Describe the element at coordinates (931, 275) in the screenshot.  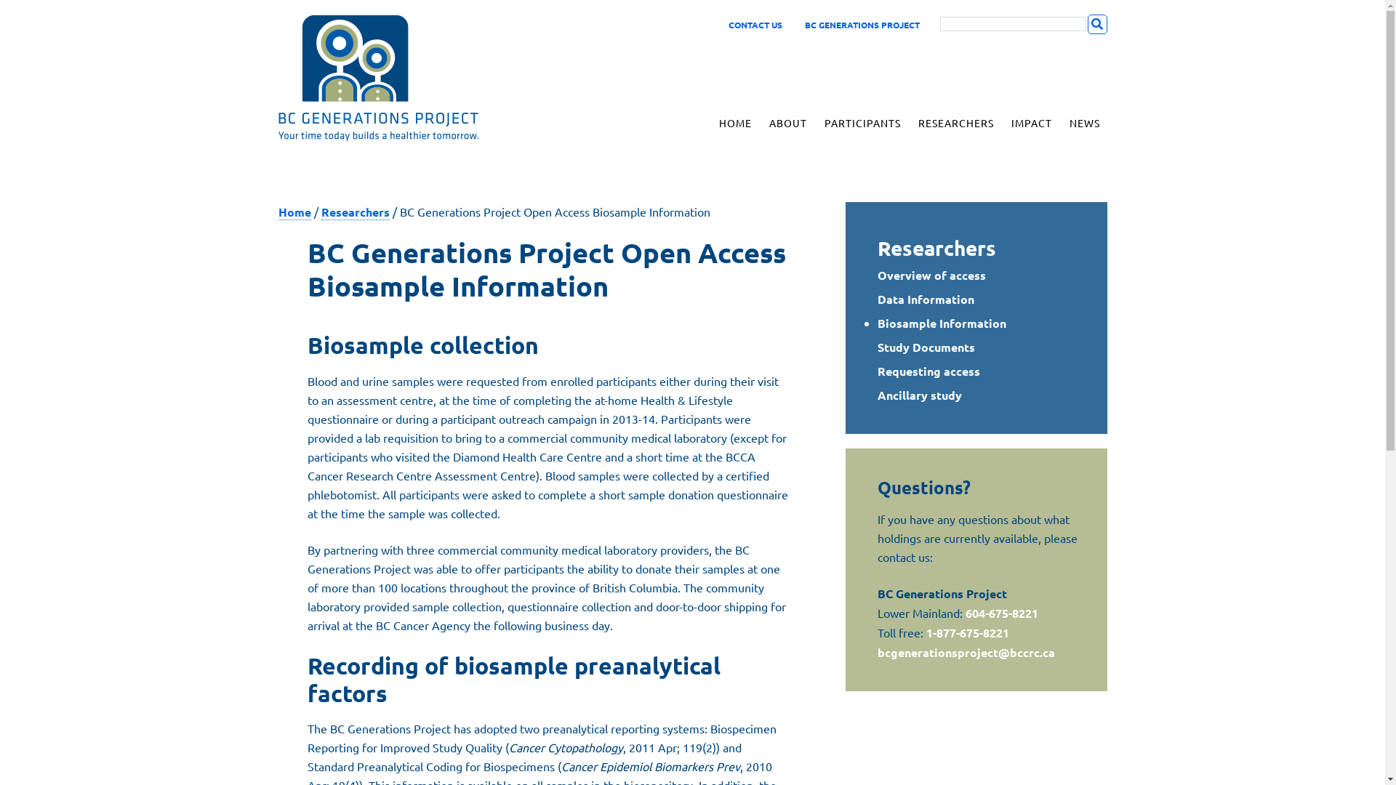
I see `'Overview of access'` at that location.